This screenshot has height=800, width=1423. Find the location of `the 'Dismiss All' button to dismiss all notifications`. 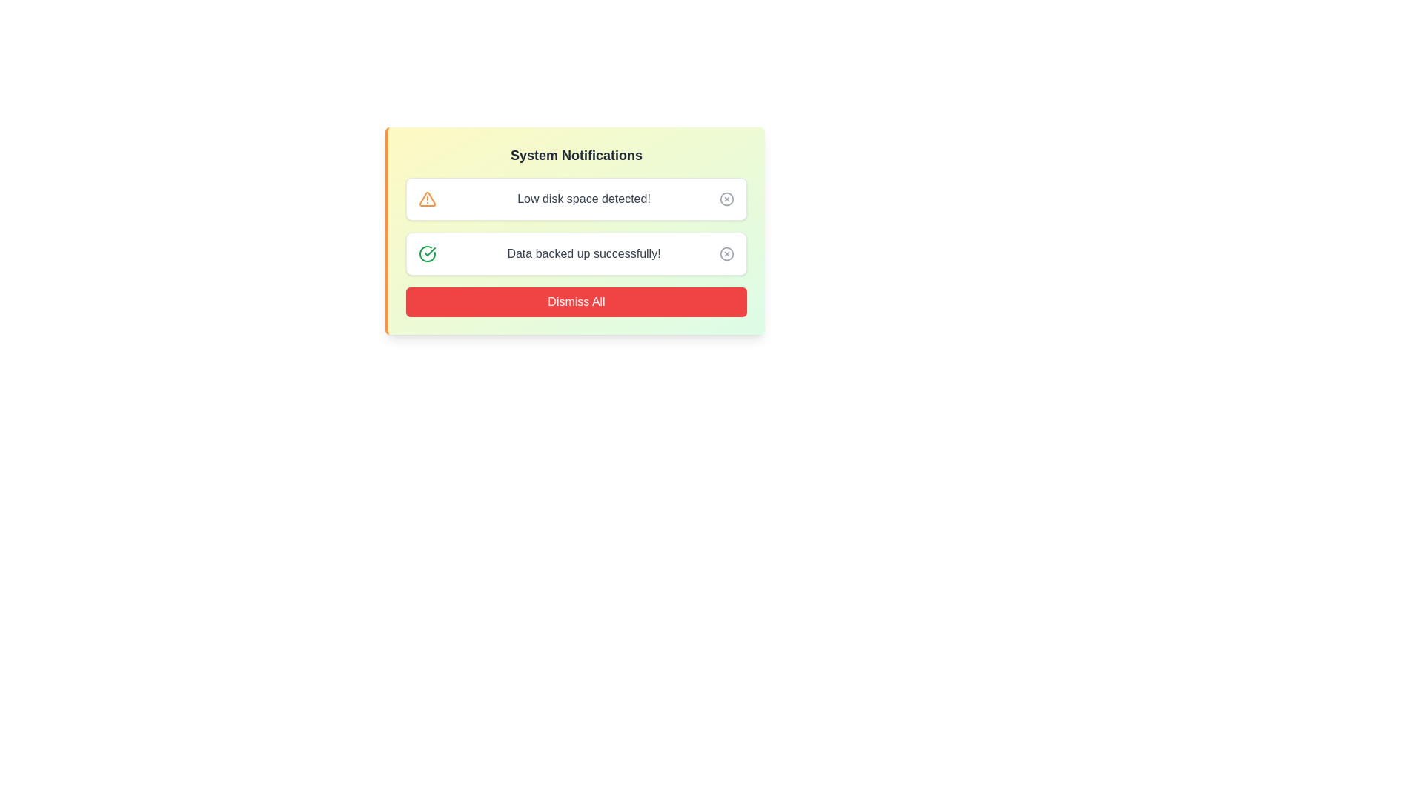

the 'Dismiss All' button to dismiss all notifications is located at coordinates (575, 301).